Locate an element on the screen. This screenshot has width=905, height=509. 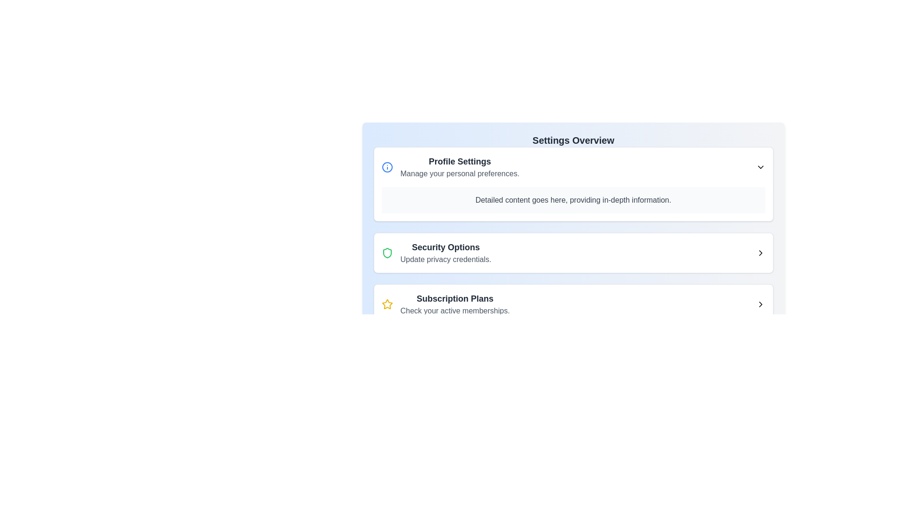
the text label that says 'Manage your personal preferences.' located below the 'Profile Settings' header within the 'Settings Overview' section is located at coordinates (460, 174).